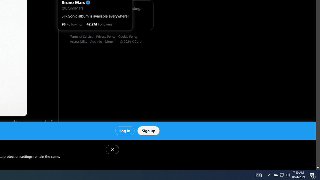 The image size is (320, 180). Describe the element at coordinates (148, 130) in the screenshot. I see `'Sign up'` at that location.